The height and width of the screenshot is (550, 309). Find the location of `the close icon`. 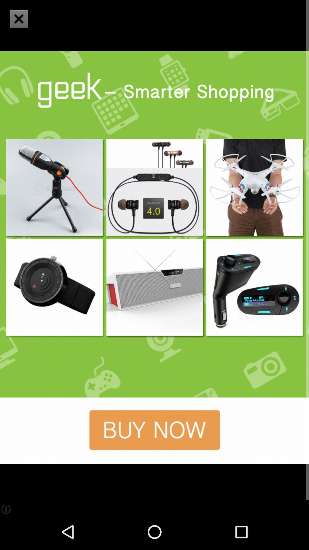

the close icon is located at coordinates (18, 20).